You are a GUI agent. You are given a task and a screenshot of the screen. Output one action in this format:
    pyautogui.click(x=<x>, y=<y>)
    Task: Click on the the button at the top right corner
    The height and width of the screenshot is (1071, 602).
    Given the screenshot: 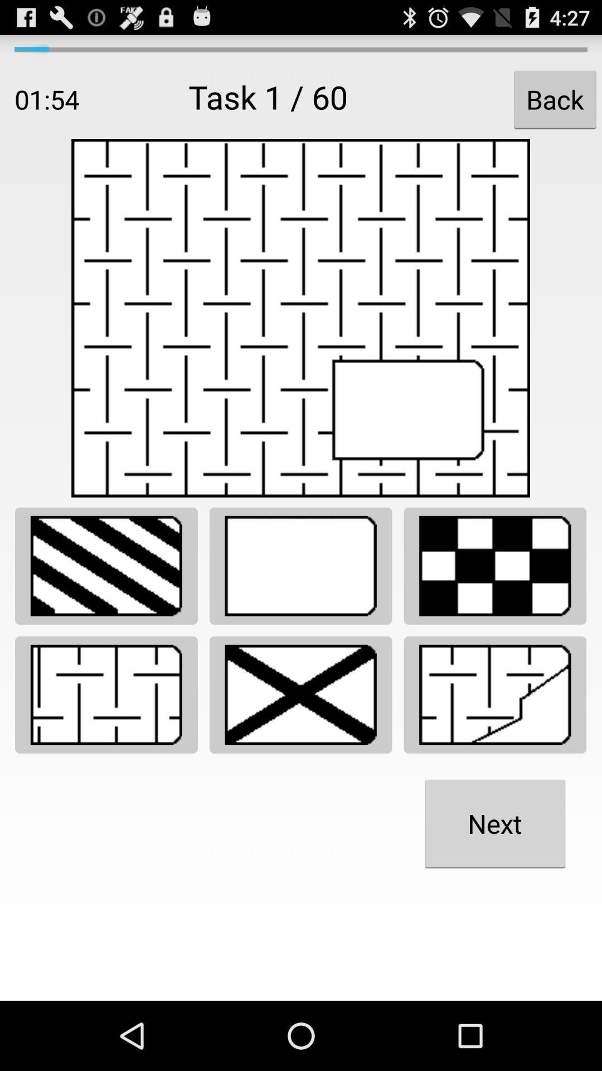 What is the action you would take?
    pyautogui.click(x=555, y=99)
    